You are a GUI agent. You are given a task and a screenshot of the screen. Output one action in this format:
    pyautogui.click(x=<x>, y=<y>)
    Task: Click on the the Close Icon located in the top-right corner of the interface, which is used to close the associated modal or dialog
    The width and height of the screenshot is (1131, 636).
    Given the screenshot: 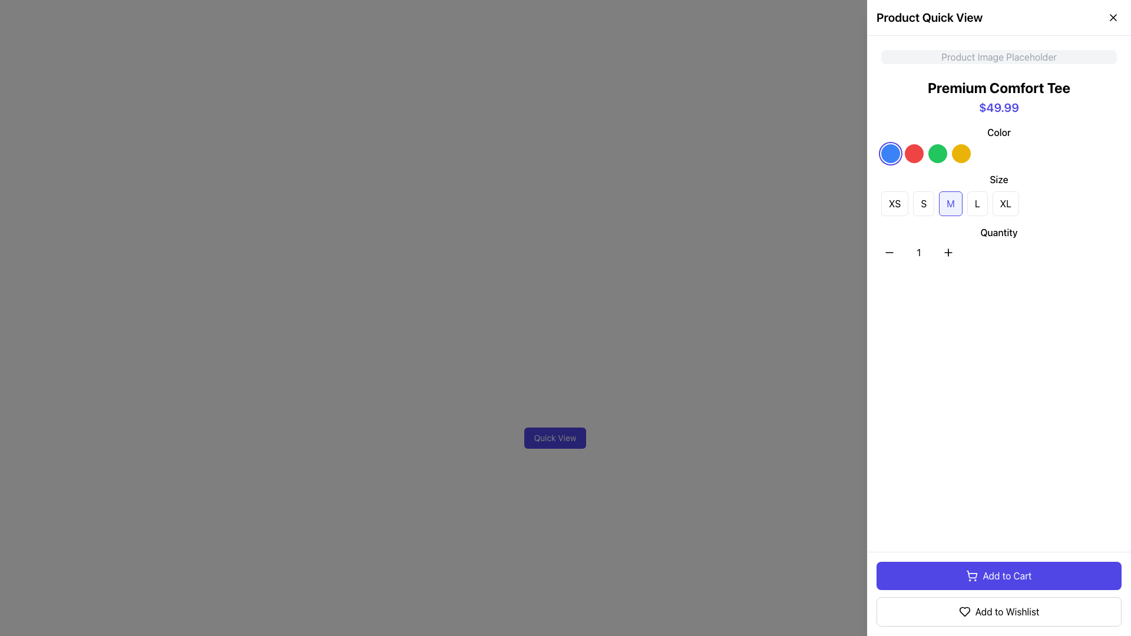 What is the action you would take?
    pyautogui.click(x=1113, y=18)
    